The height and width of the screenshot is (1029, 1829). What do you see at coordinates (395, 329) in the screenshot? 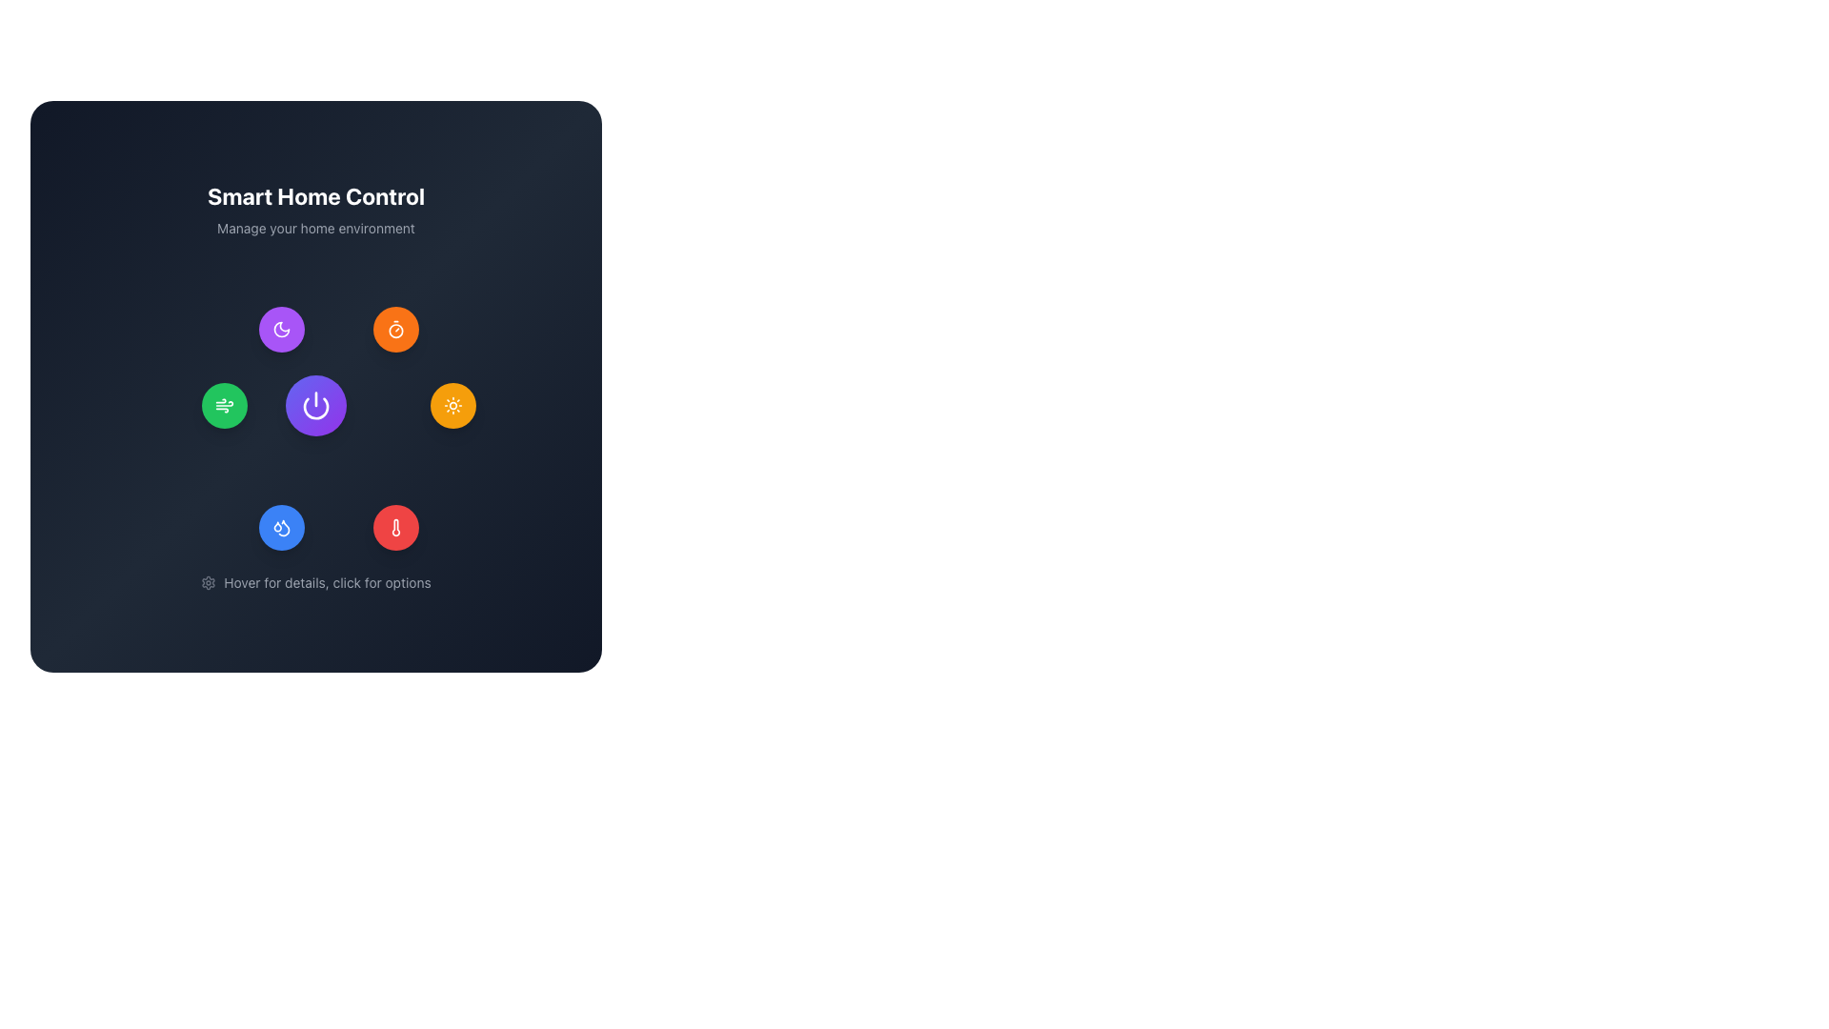
I see `the timer activation button located in the top-right area of a circular arrangement of icons, specifically the second icon from the top-left among the four main icons` at bounding box center [395, 329].